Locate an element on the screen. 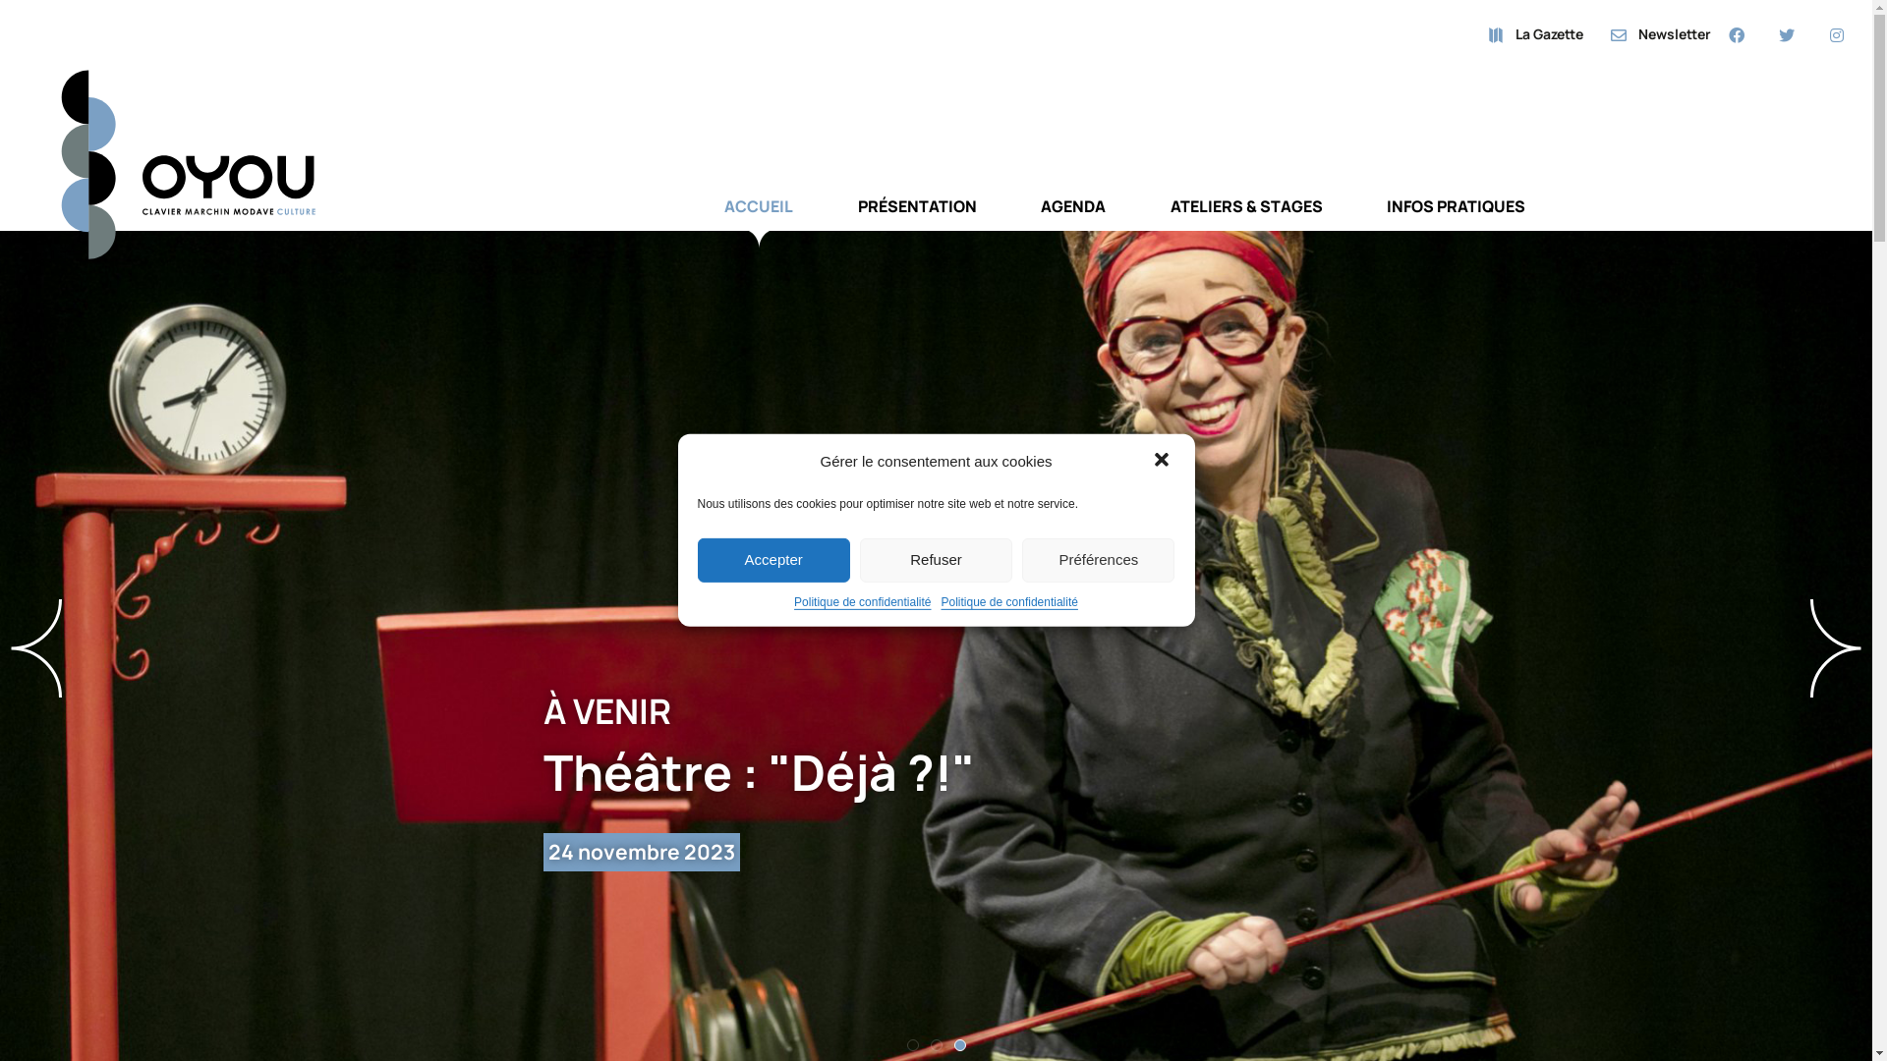 This screenshot has height=1061, width=1887. 'Refuser' is located at coordinates (935, 560).